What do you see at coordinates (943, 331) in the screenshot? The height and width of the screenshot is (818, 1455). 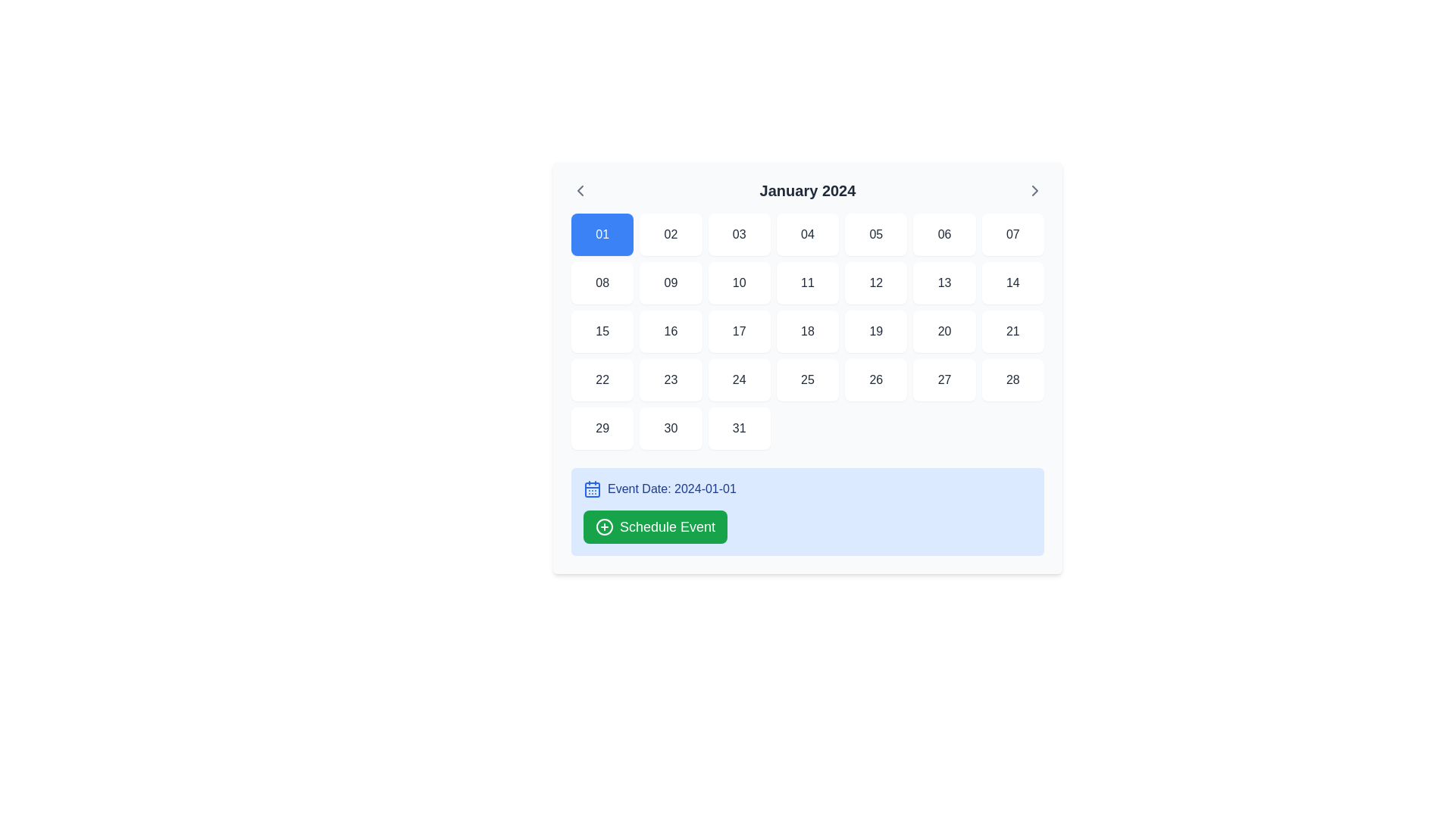 I see `the button representing the 20th day of the month in the calendar interface` at bounding box center [943, 331].